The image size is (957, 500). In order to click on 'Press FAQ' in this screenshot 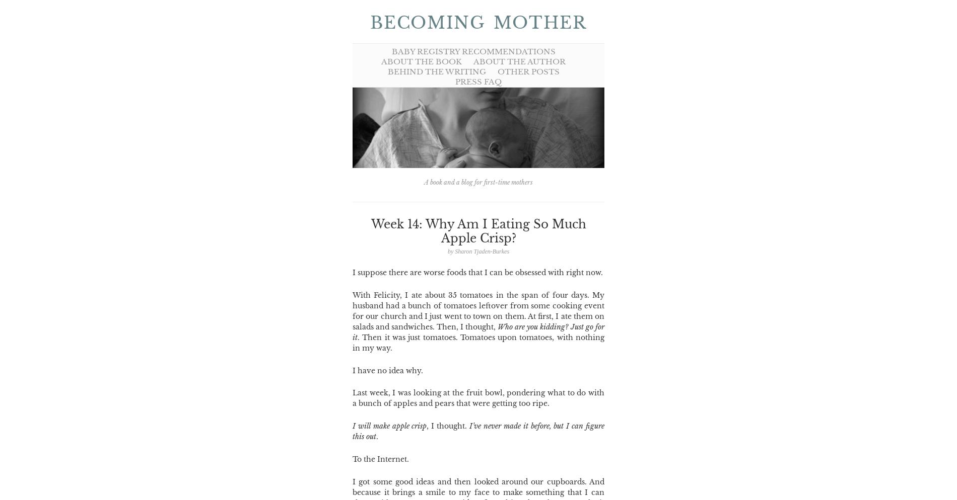, I will do `click(478, 81)`.